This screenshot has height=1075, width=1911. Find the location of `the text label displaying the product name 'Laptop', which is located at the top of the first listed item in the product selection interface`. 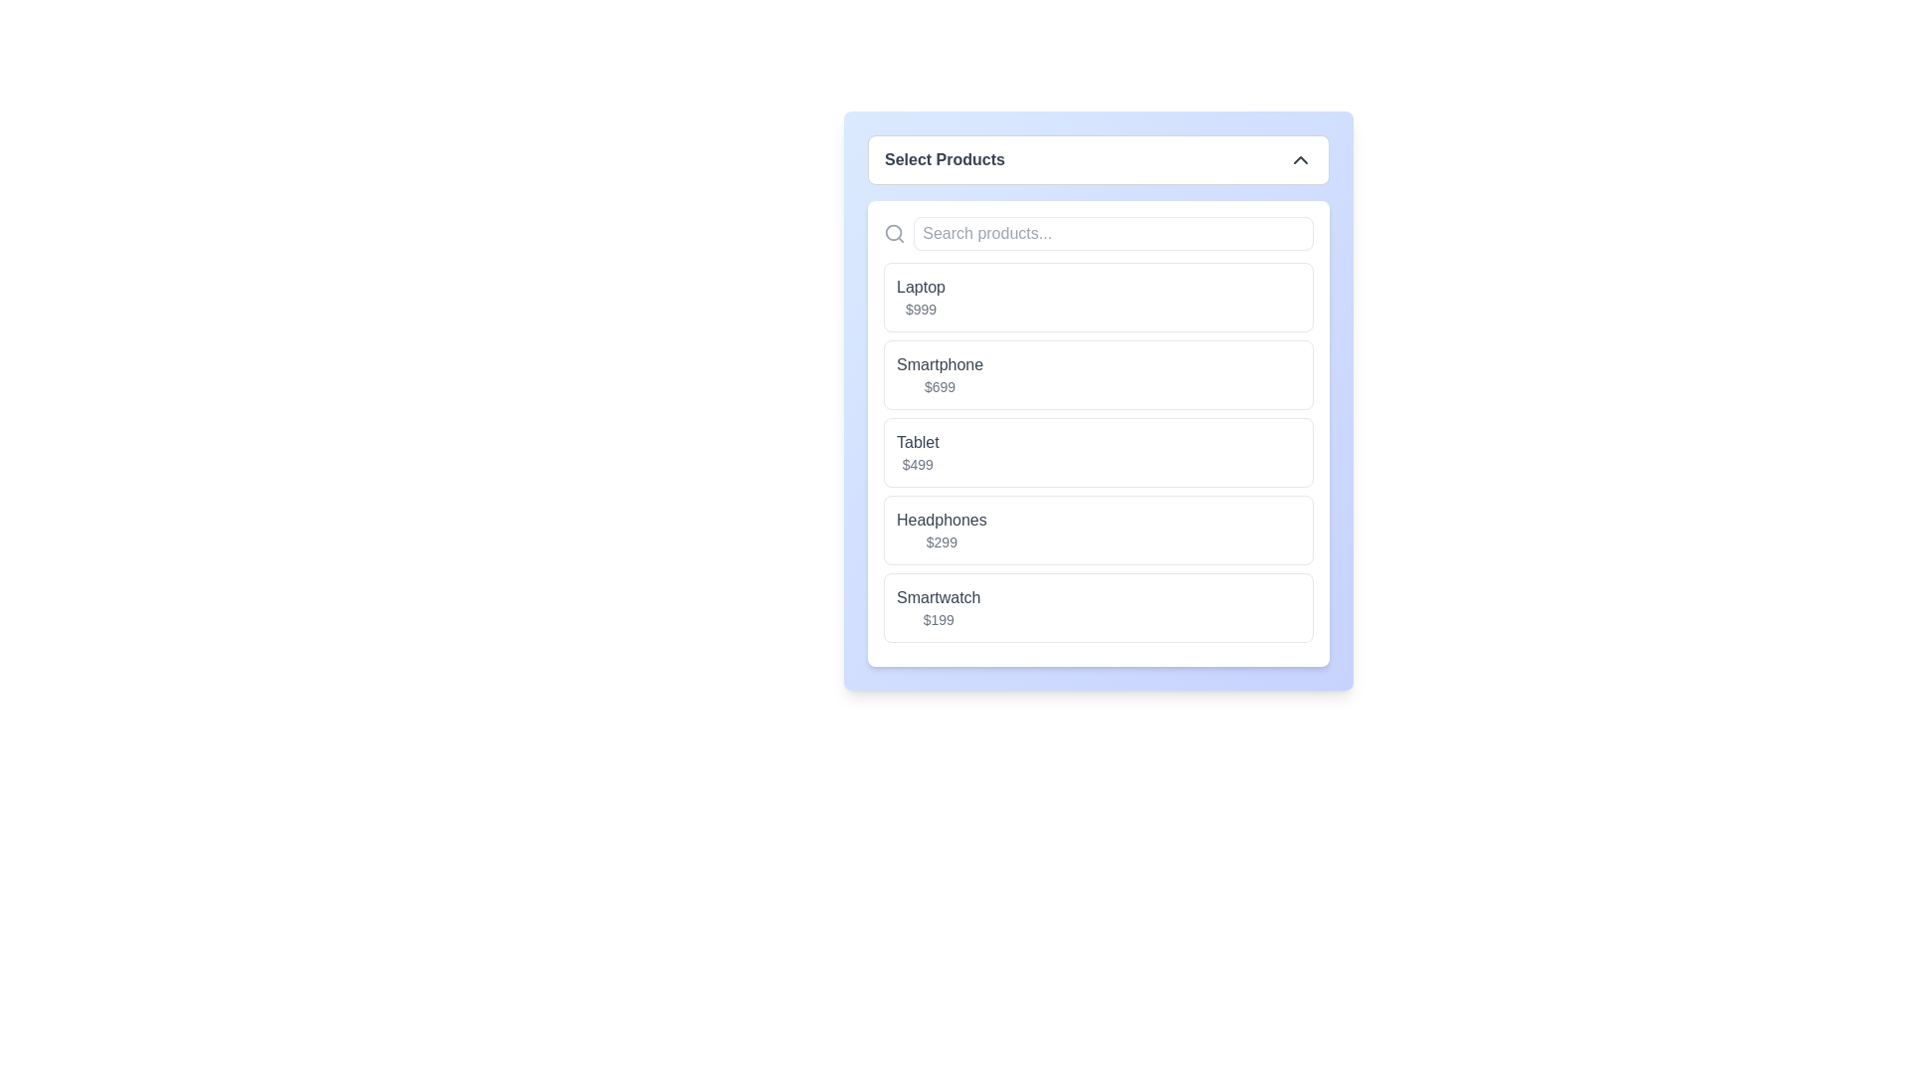

the text label displaying the product name 'Laptop', which is located at the top of the first listed item in the product selection interface is located at coordinates (920, 288).